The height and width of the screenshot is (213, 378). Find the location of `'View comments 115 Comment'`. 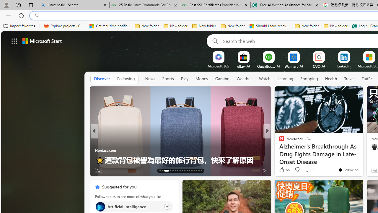

'View comments 115 Comment' is located at coordinates (307, 170).